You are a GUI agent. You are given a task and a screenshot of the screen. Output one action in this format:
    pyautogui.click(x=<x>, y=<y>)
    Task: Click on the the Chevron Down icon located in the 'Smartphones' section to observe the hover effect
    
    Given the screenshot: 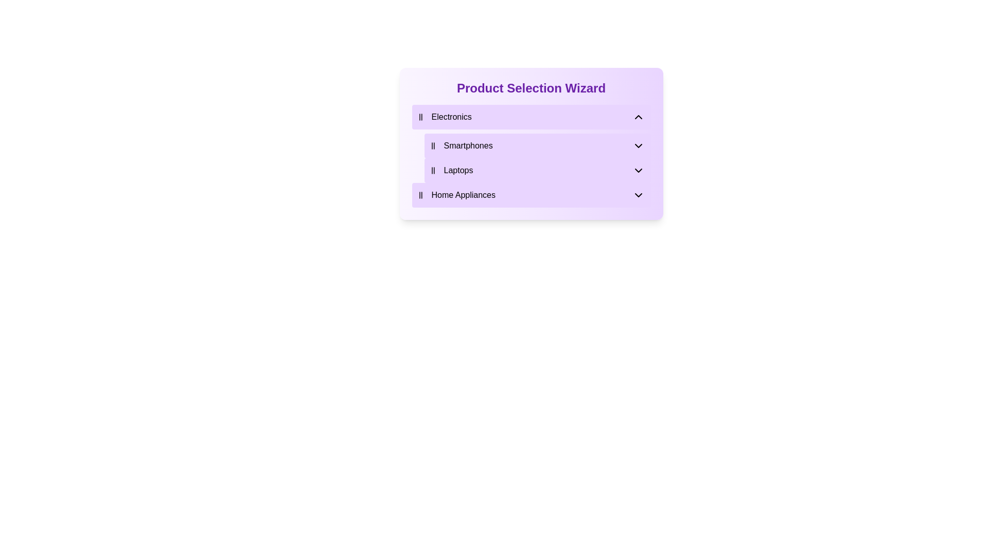 What is the action you would take?
    pyautogui.click(x=638, y=146)
    